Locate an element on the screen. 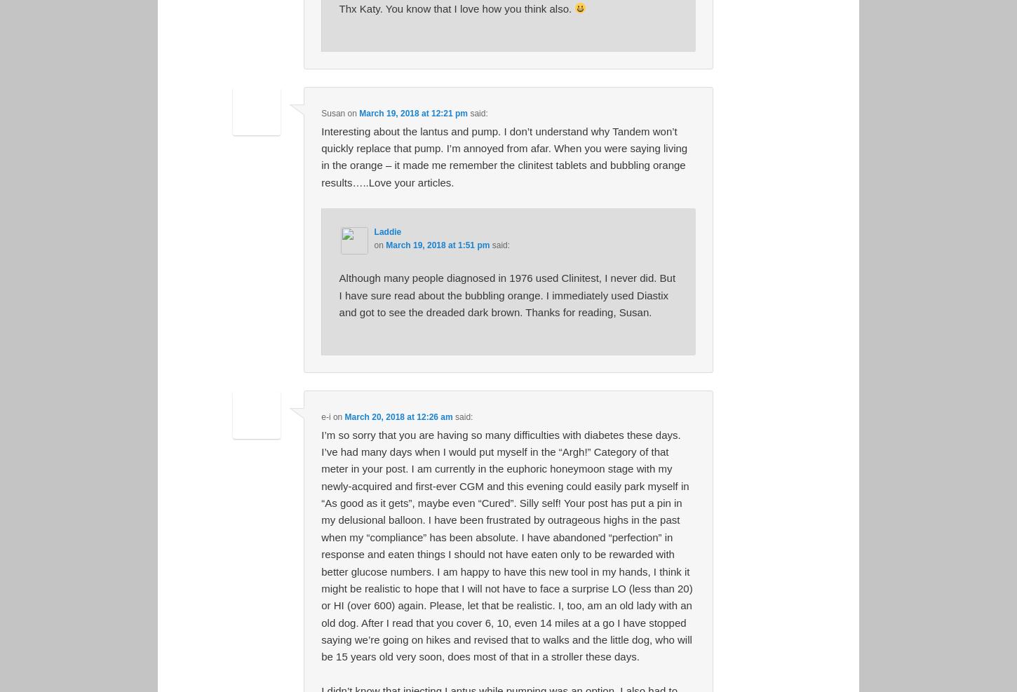 Image resolution: width=1017 pixels, height=692 pixels. 'Thx Katy. You know that I love how you think also.' is located at coordinates (337, 7).